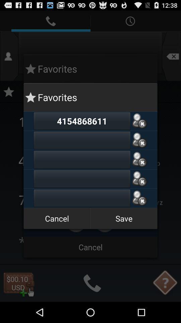 This screenshot has height=323, width=181. Describe the element at coordinates (139, 198) in the screenshot. I see `delete favorite` at that location.